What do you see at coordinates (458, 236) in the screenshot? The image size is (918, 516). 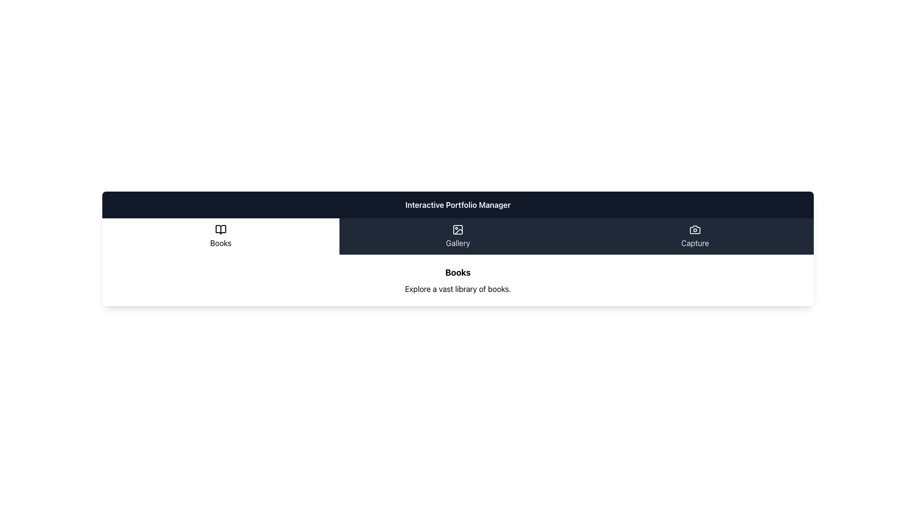 I see `the 'Gallery' button, which is the second button in a group of three, featuring a dark background and light text` at bounding box center [458, 236].